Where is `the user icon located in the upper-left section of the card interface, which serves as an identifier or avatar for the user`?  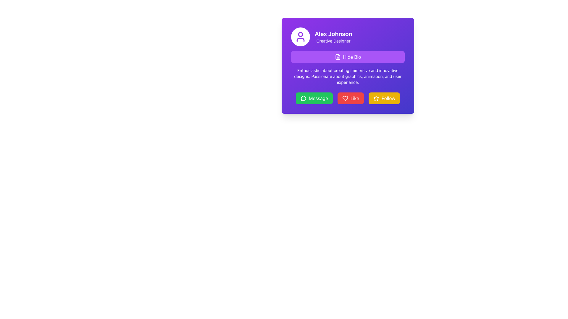
the user icon located in the upper-left section of the card interface, which serves as an identifier or avatar for the user is located at coordinates (301, 37).